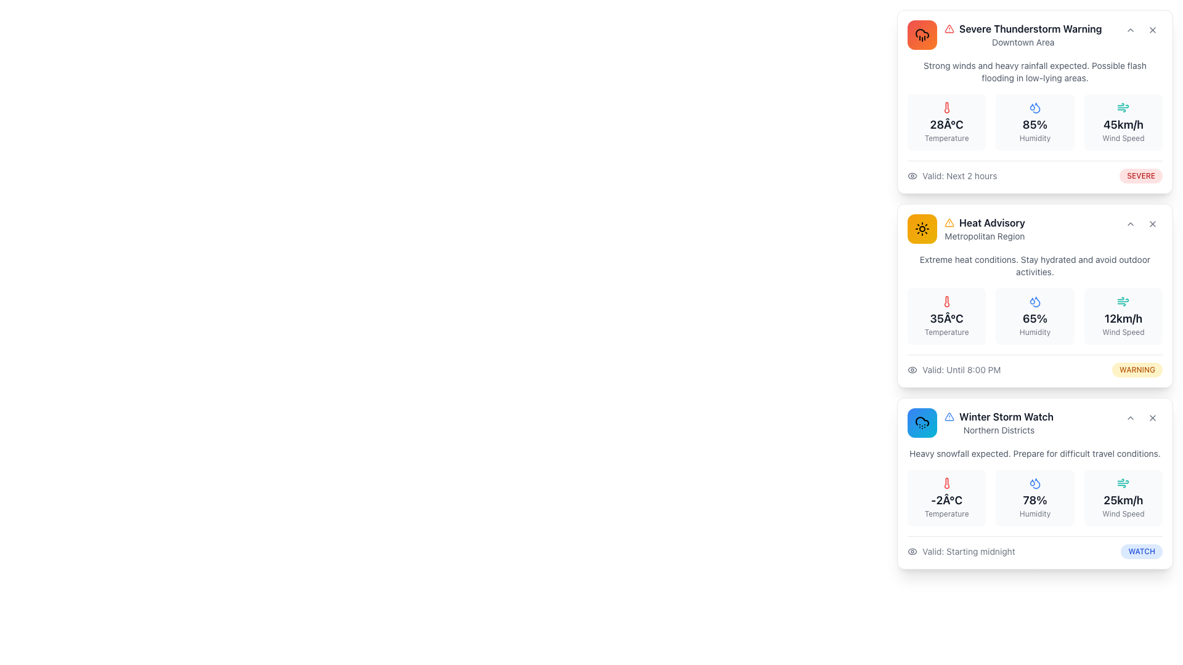 The image size is (1183, 665). Describe the element at coordinates (1123, 318) in the screenshot. I see `wind speed value displayed in the 'Wind Speed' section of the 'Heat Advisory' card, which is located to the right of the main information area and adjacent to a teal wind icon` at that location.